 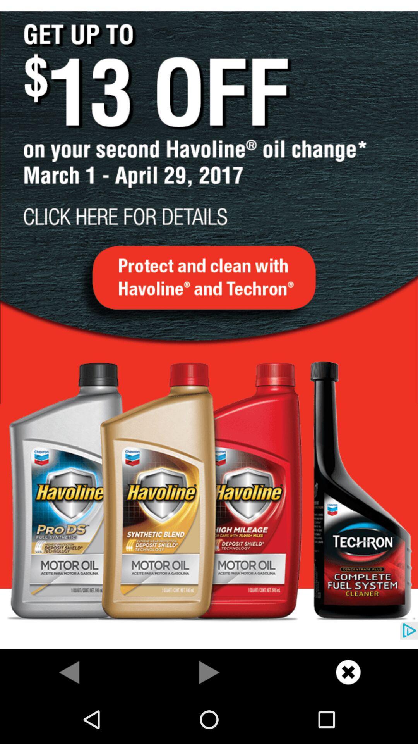 What do you see at coordinates (209, 324) in the screenshot?
I see `motor oil details` at bounding box center [209, 324].